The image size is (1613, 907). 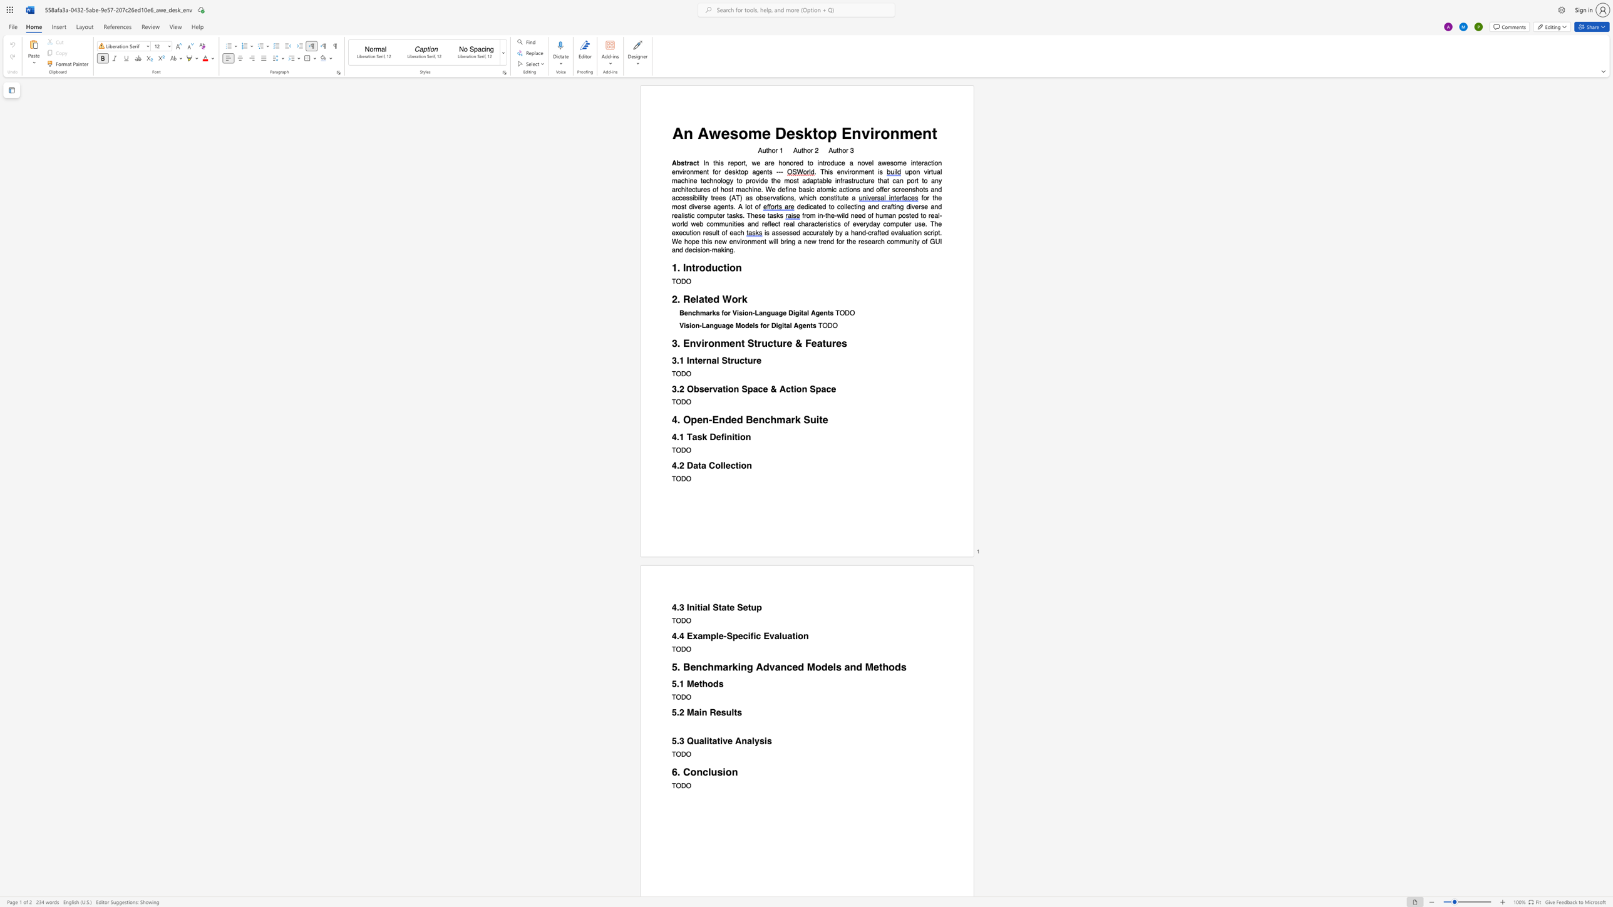 What do you see at coordinates (761, 342) in the screenshot?
I see `the space between the continuous character "r" and "u" in the text` at bounding box center [761, 342].